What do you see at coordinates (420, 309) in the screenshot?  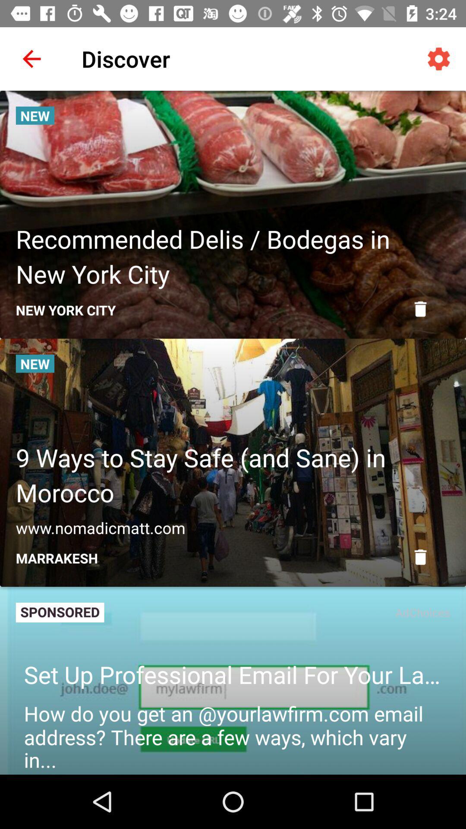 I see `trash` at bounding box center [420, 309].